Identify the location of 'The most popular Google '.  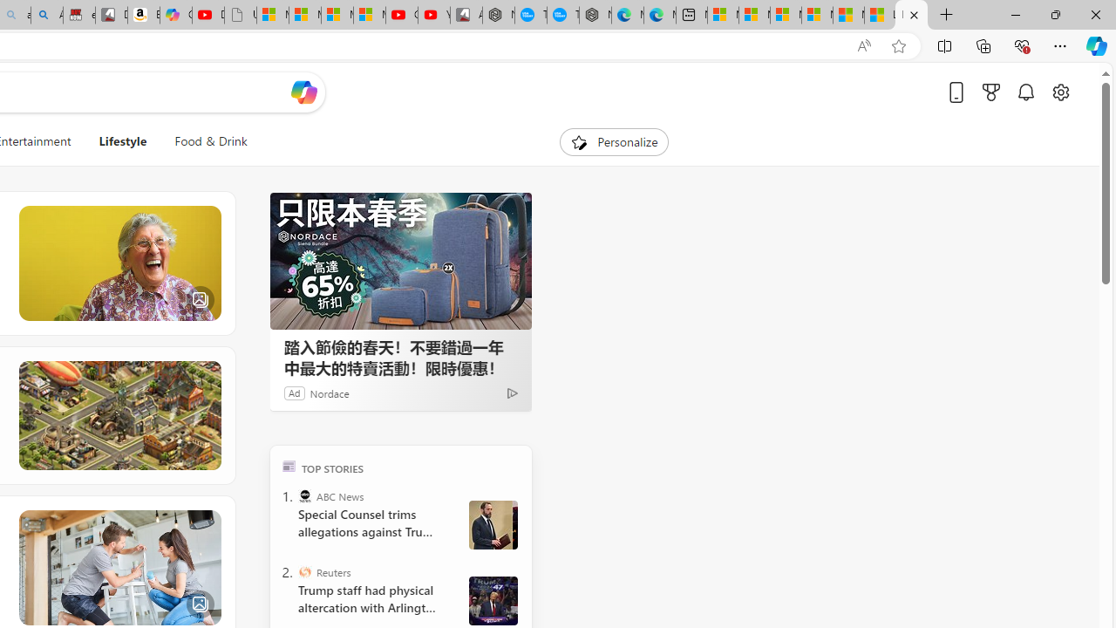
(563, 15).